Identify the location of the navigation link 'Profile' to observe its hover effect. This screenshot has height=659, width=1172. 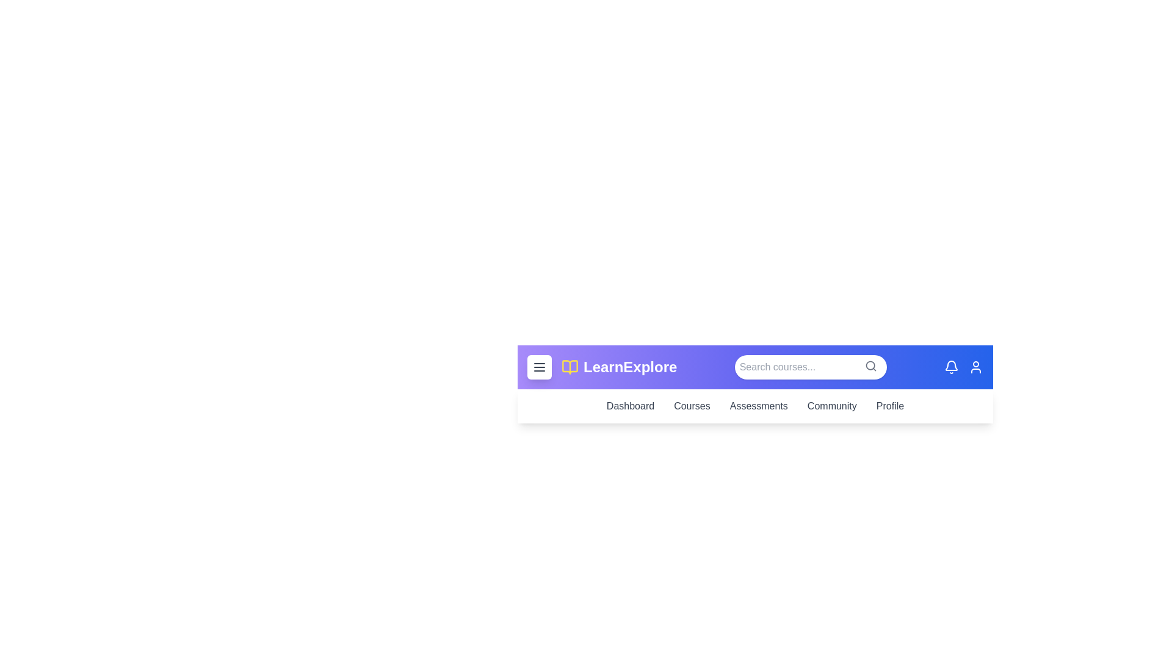
(890, 406).